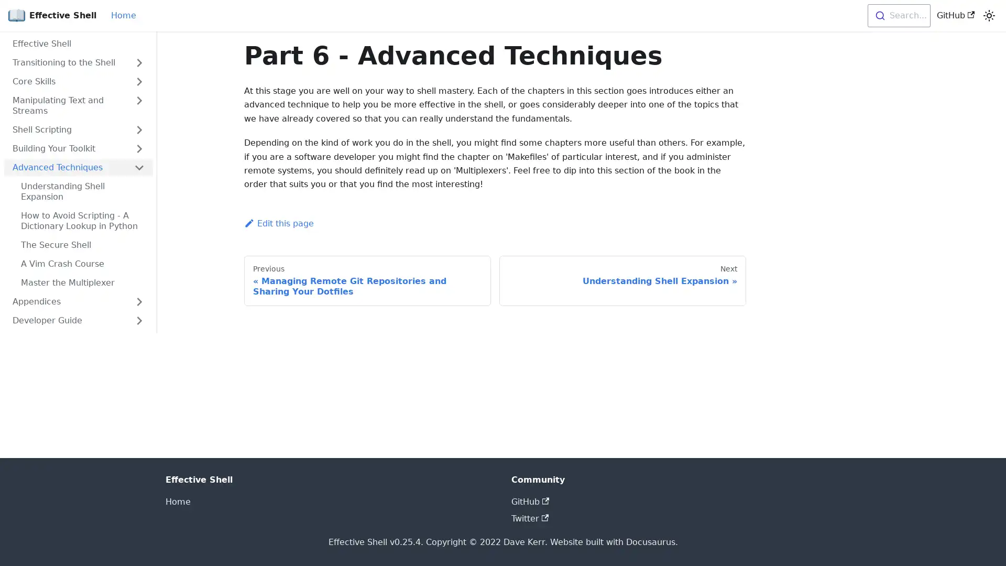 Image resolution: width=1006 pixels, height=566 pixels. Describe the element at coordinates (138, 105) in the screenshot. I see `Toggle the collapsible sidebar category 'Manipulating Text and Streams'` at that location.